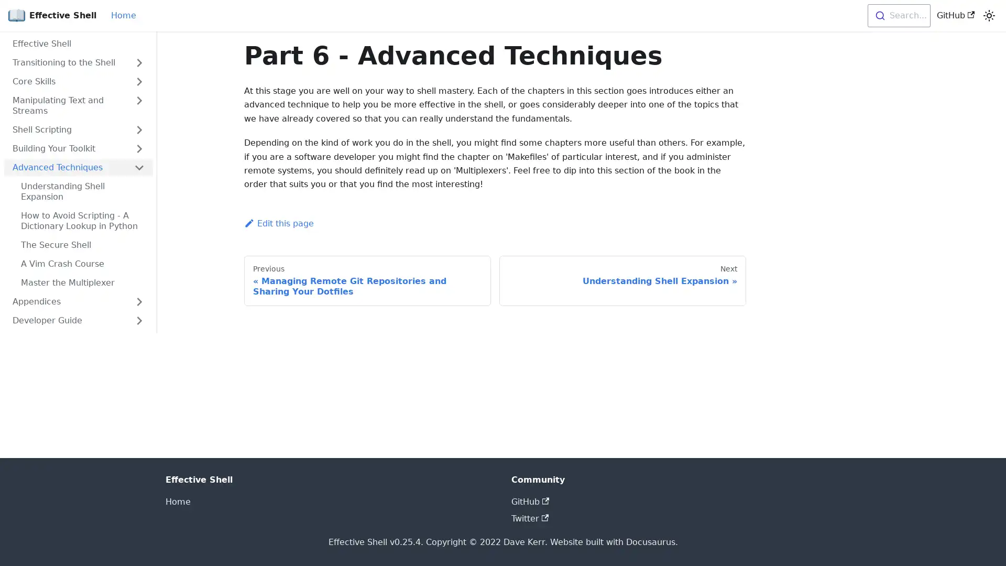 Image resolution: width=1006 pixels, height=566 pixels. Describe the element at coordinates (138, 105) in the screenshot. I see `Toggle the collapsible sidebar category 'Manipulating Text and Streams'` at that location.